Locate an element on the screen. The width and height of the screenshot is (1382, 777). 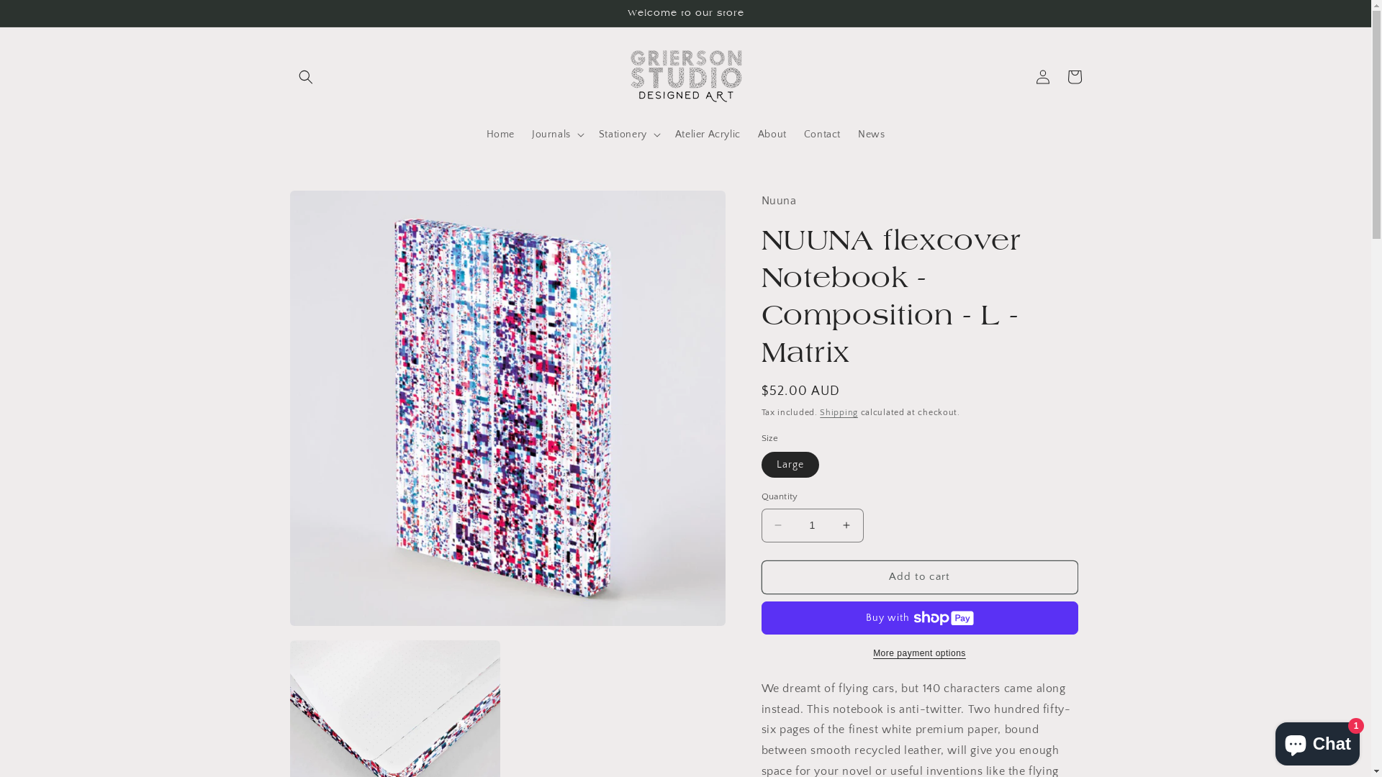
'Skip to product information' is located at coordinates (332, 206).